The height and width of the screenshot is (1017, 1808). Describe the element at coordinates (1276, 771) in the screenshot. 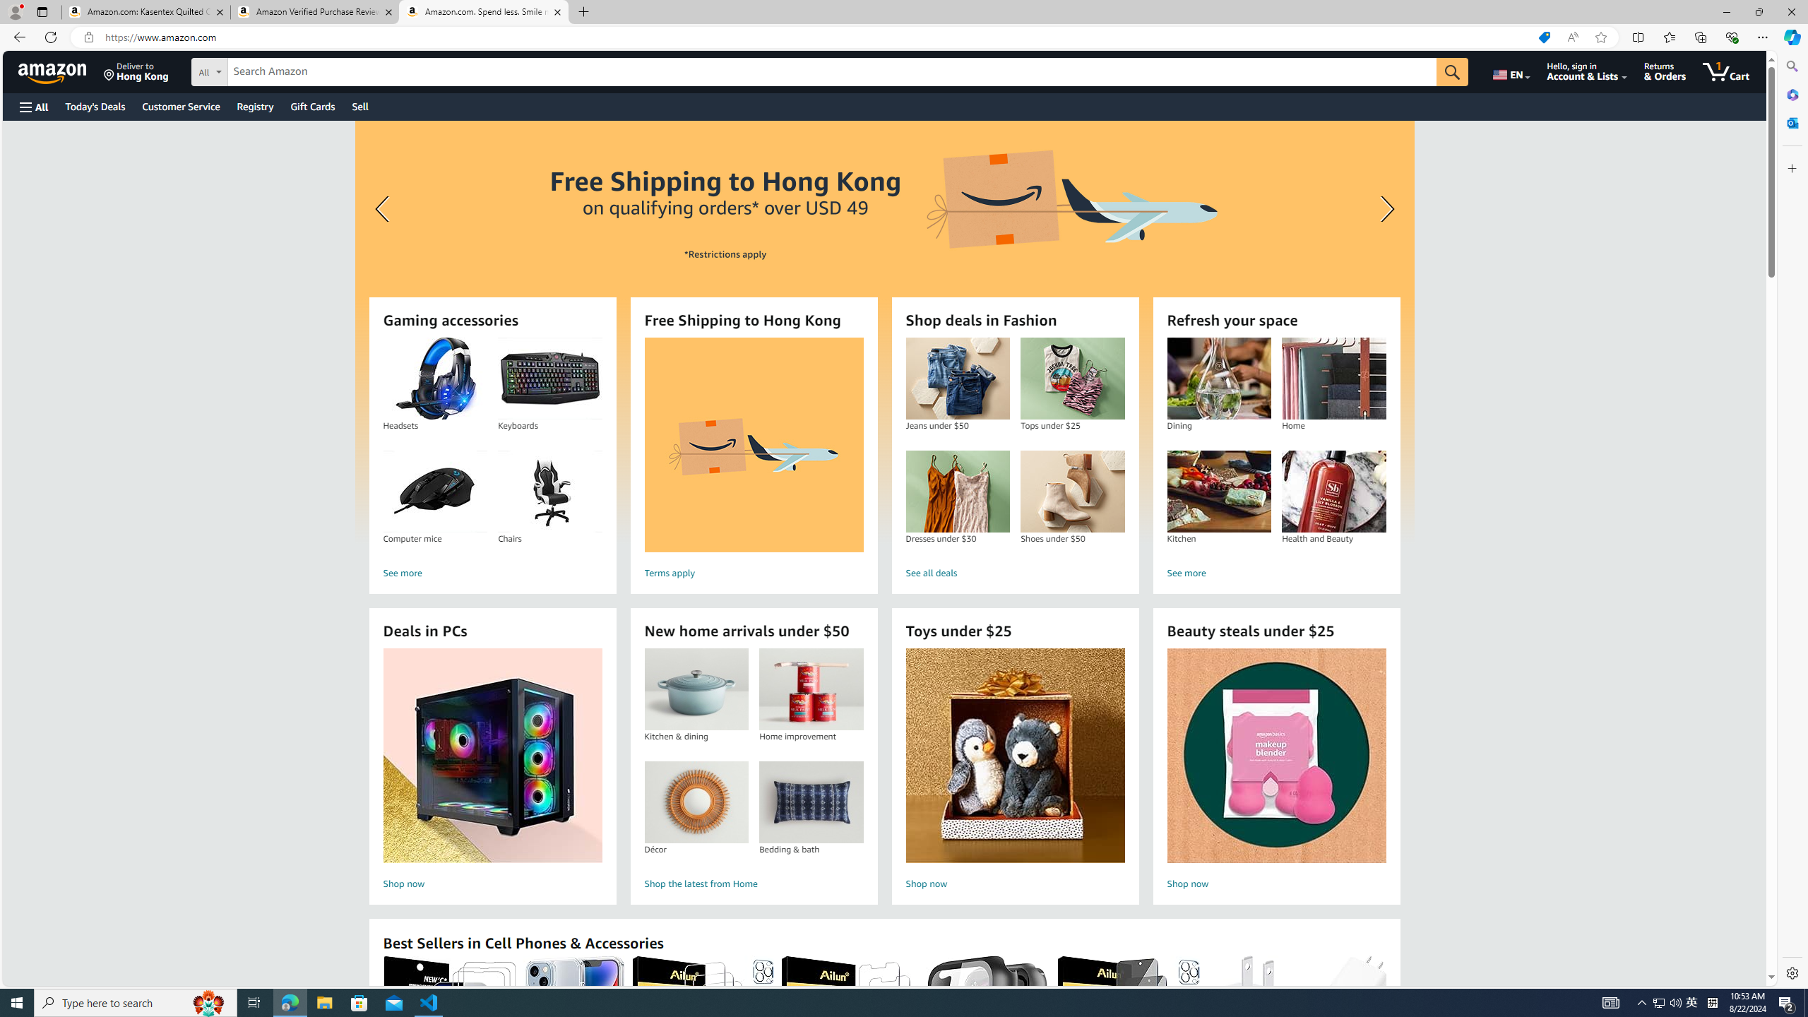

I see `'Beauty steals under $25 Shop now'` at that location.